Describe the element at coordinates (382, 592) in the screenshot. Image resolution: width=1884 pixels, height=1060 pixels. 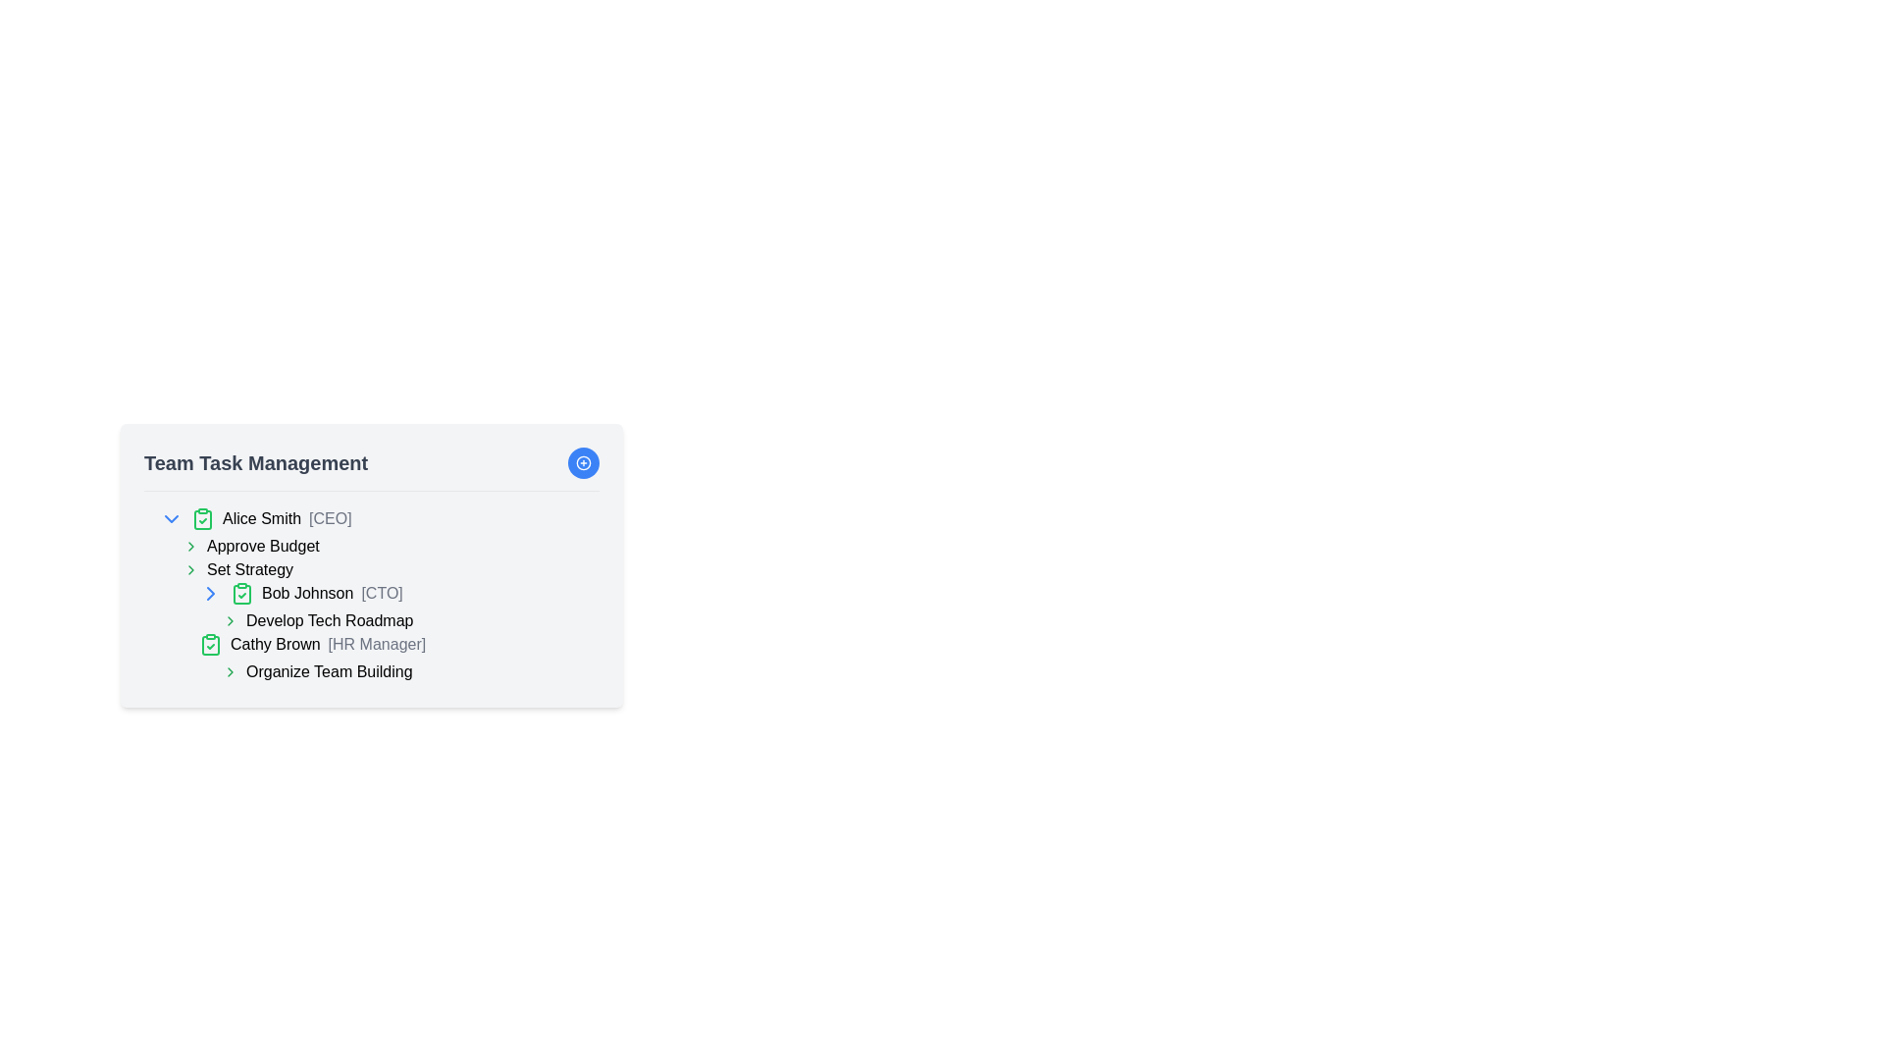
I see `the text label '[CTO]' which is styled with a gray font color and positioned to the right of 'Bob Johnson'` at that location.